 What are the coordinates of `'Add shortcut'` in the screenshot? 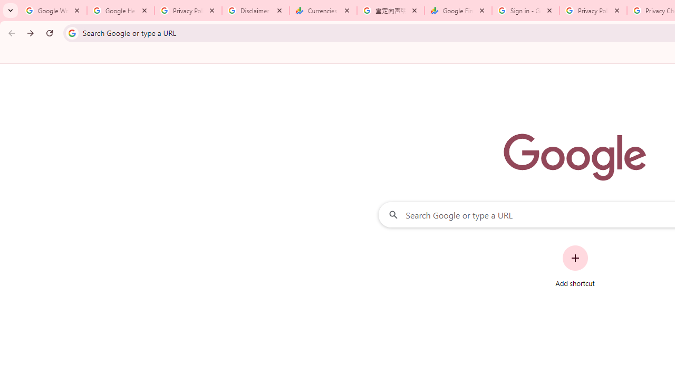 It's located at (574, 266).